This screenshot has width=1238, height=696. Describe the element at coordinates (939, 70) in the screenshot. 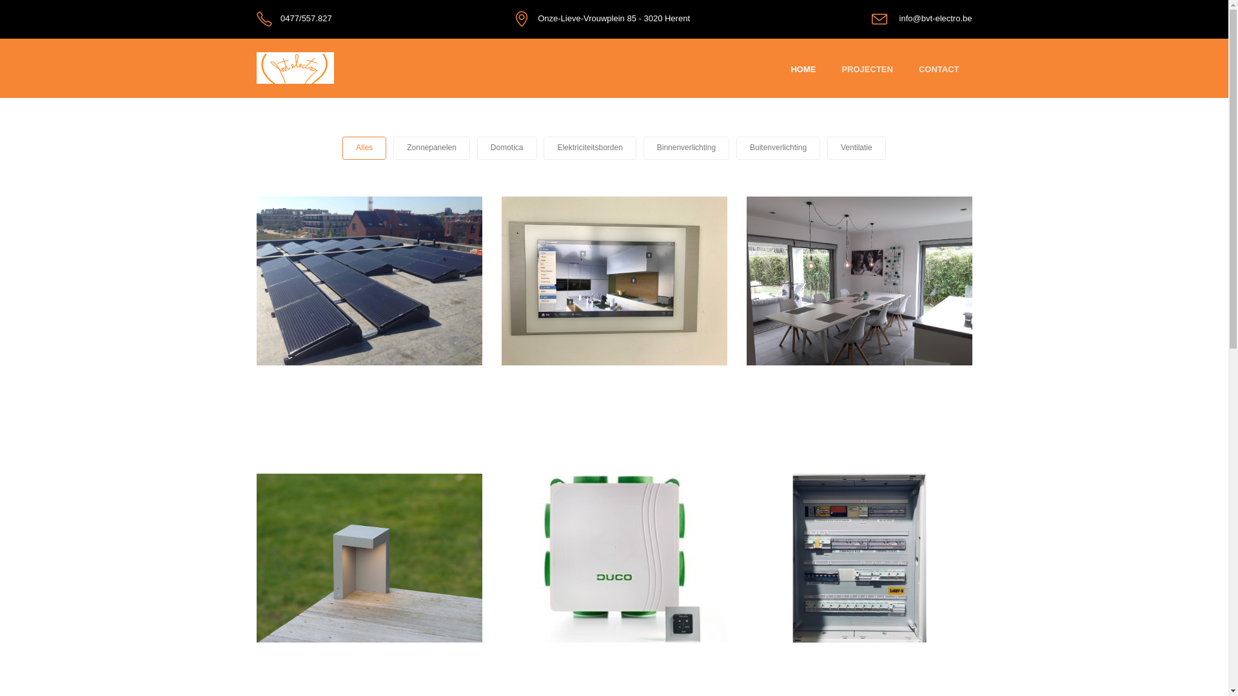

I see `'CONTACT'` at that location.